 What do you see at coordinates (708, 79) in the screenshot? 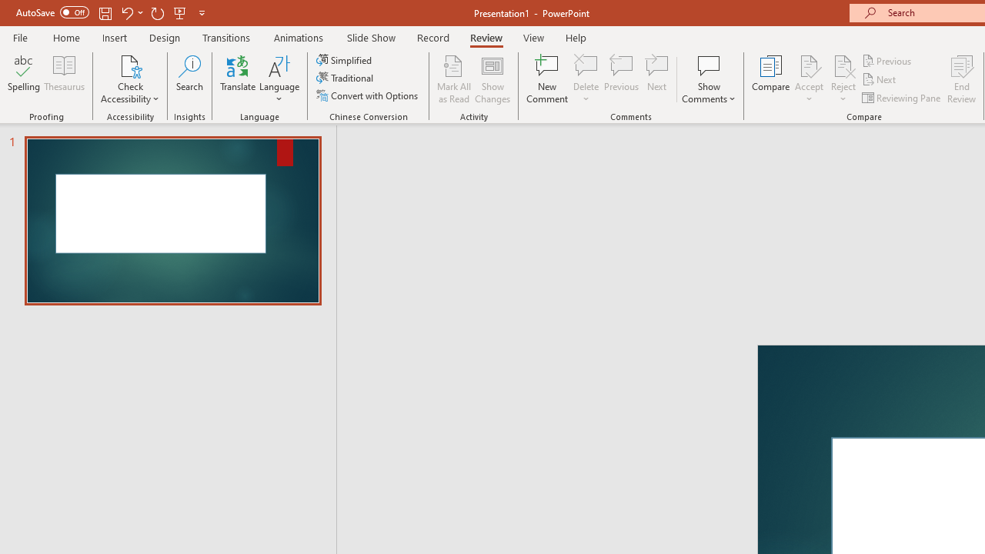
I see `'Show Comments'` at bounding box center [708, 79].